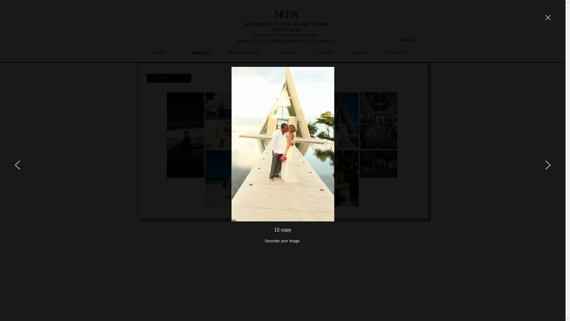 The image size is (570, 321). Describe the element at coordinates (359, 52) in the screenshot. I see `'GALLERY'` at that location.